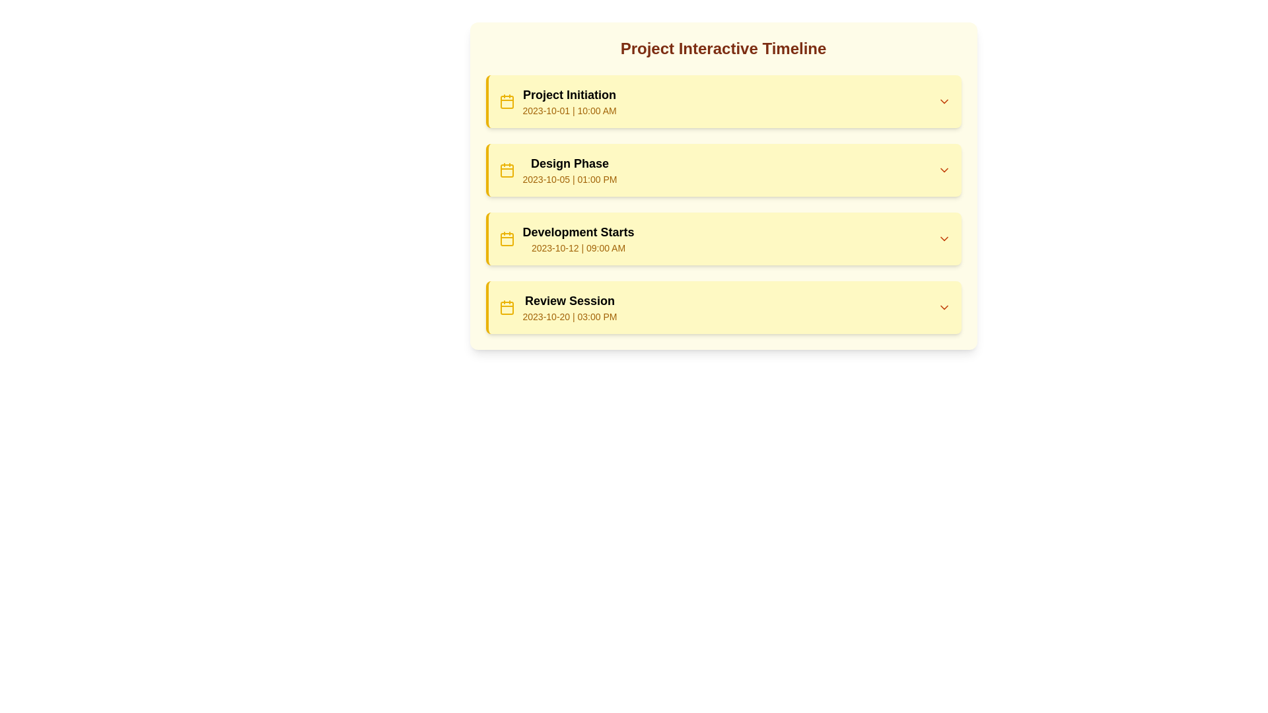 Image resolution: width=1268 pixels, height=713 pixels. Describe the element at coordinates (724, 170) in the screenshot. I see `the dropdown arrow of the timeline entry for the design phase of the project` at that location.